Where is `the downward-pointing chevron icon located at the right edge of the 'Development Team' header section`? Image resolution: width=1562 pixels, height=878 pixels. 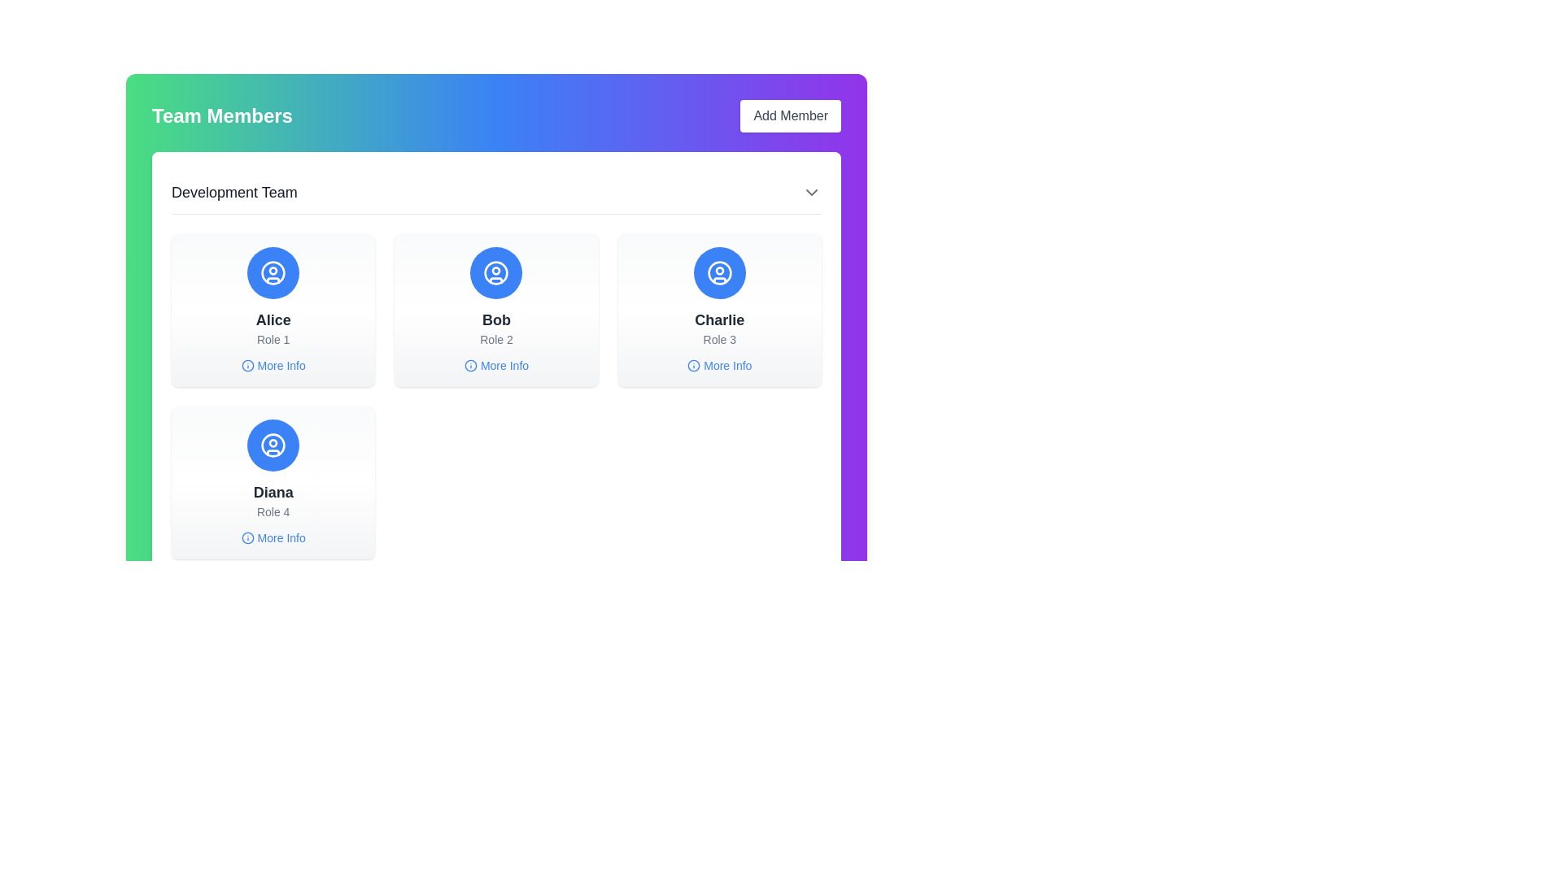 the downward-pointing chevron icon located at the right edge of the 'Development Team' header section is located at coordinates (812, 191).